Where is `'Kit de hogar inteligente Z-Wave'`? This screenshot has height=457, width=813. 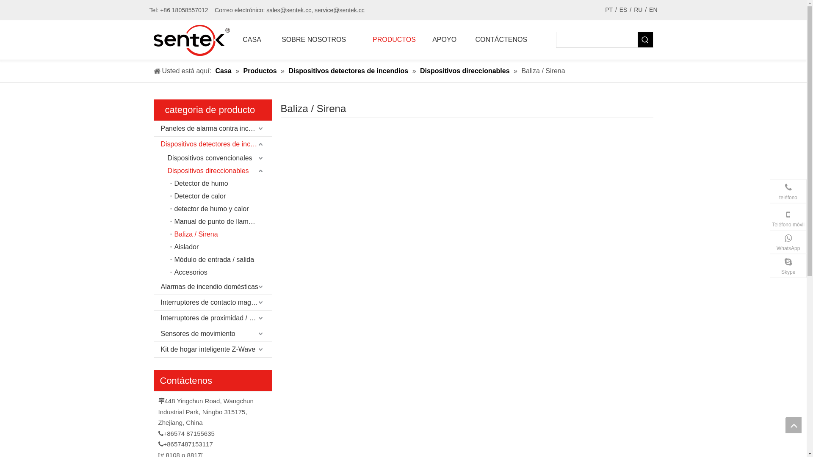 'Kit de hogar inteligente Z-Wave' is located at coordinates (213, 349).